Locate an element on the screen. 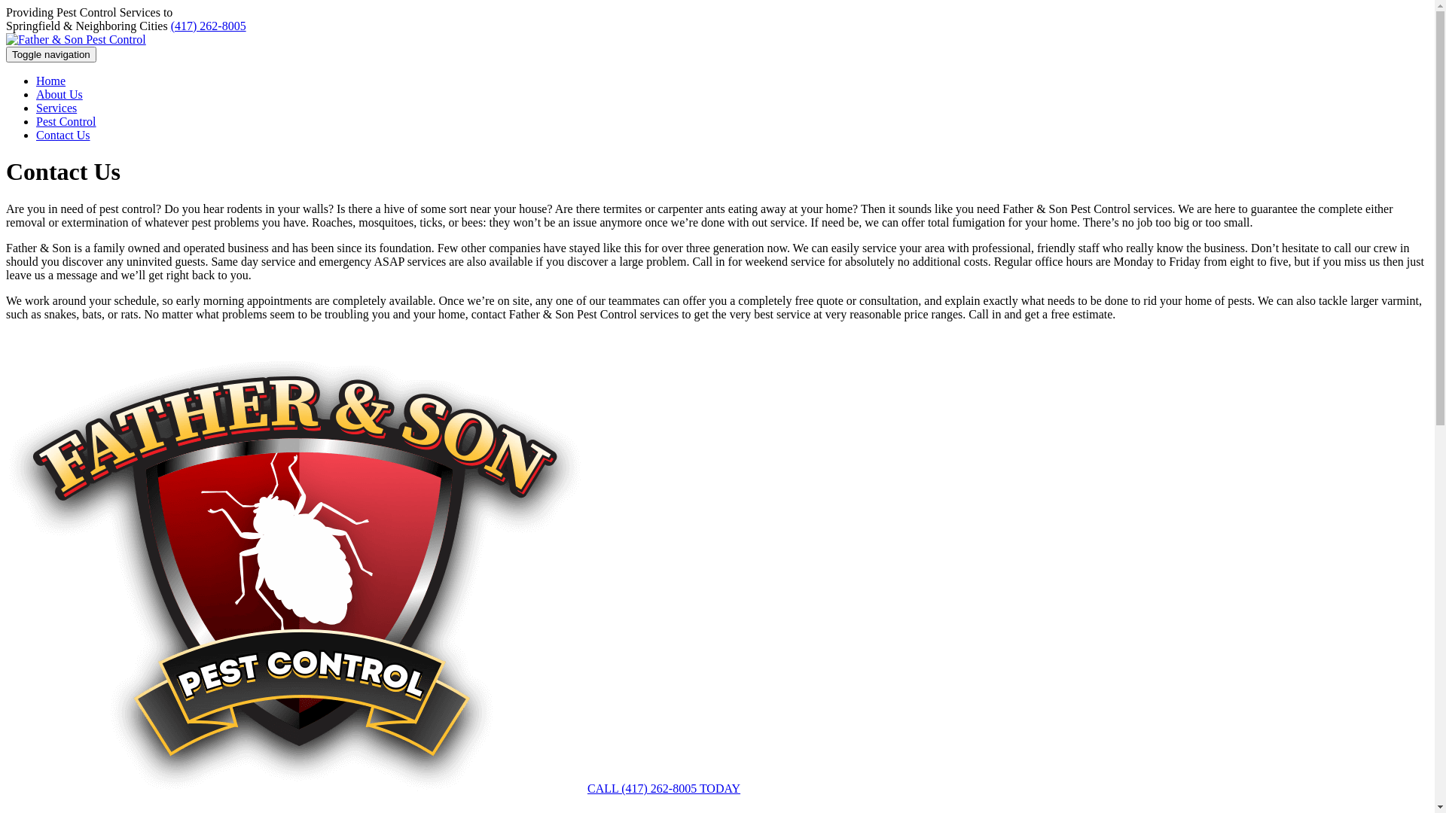  'Contact Us' is located at coordinates (36, 134).